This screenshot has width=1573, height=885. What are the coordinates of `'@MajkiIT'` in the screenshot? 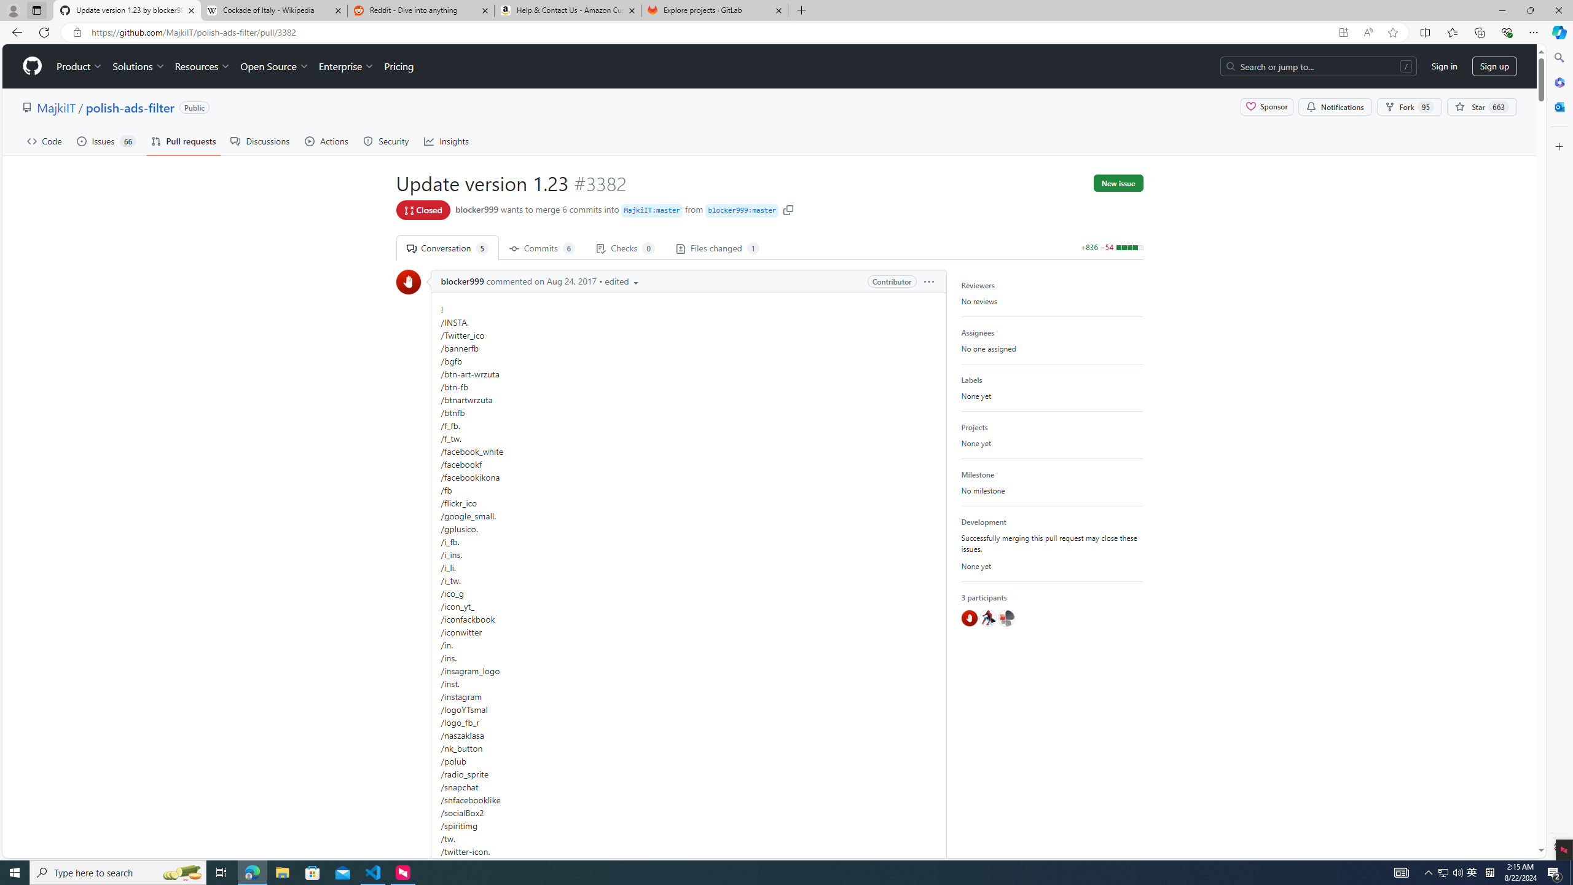 It's located at (1005, 618).